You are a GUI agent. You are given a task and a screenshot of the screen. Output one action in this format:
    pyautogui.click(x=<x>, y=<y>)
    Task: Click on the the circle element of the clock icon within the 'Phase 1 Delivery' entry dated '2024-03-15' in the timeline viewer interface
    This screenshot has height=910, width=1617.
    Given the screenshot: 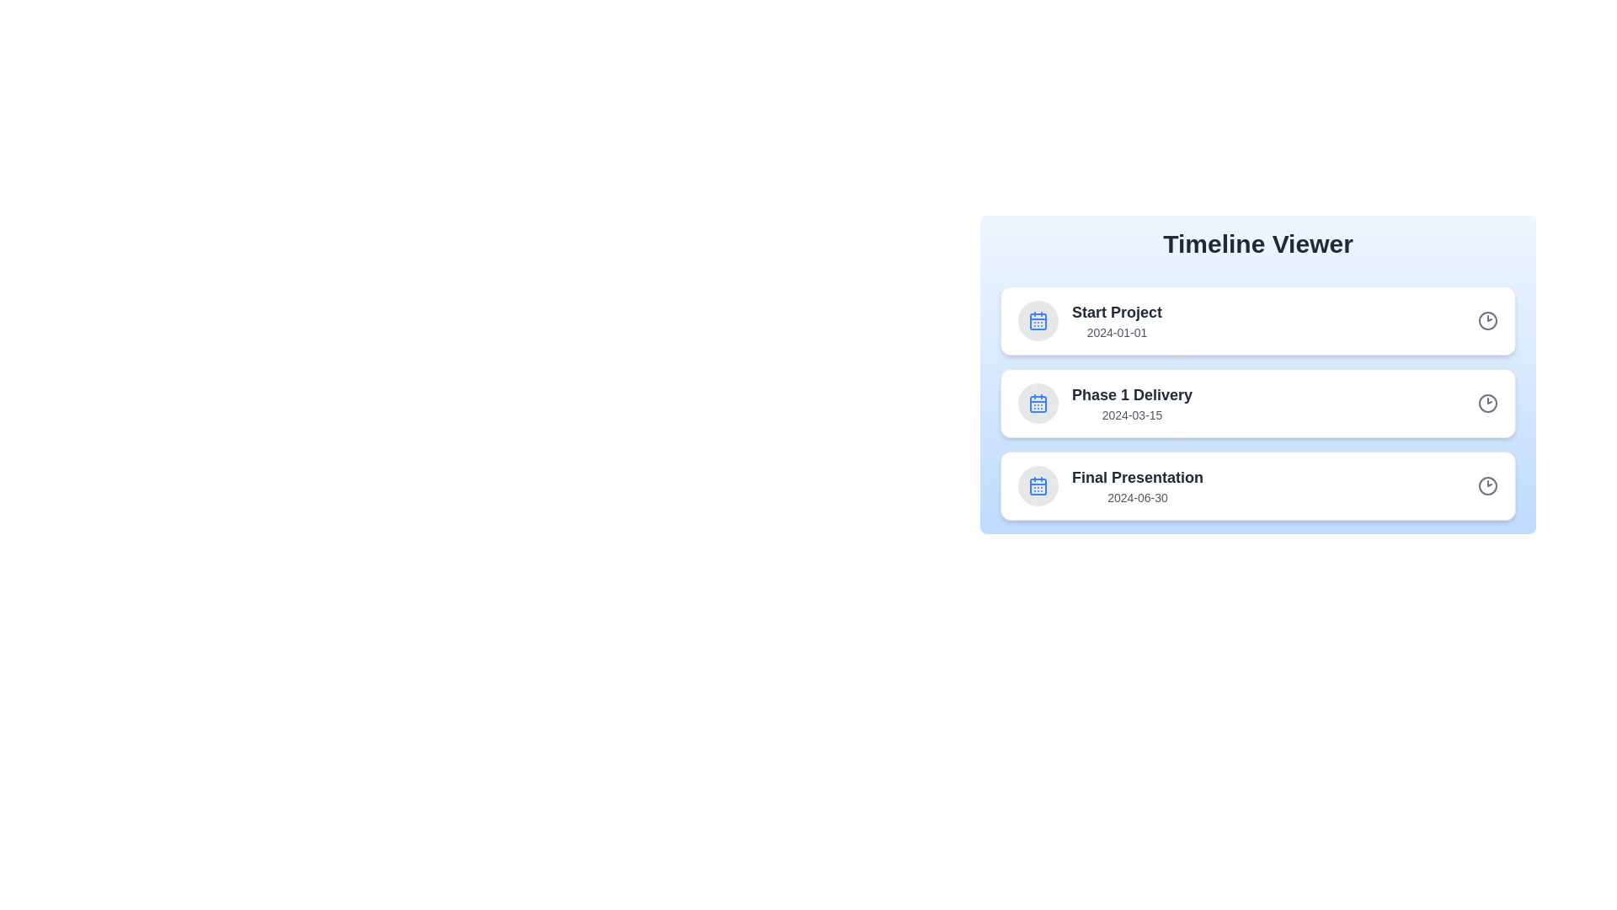 What is the action you would take?
    pyautogui.click(x=1487, y=403)
    